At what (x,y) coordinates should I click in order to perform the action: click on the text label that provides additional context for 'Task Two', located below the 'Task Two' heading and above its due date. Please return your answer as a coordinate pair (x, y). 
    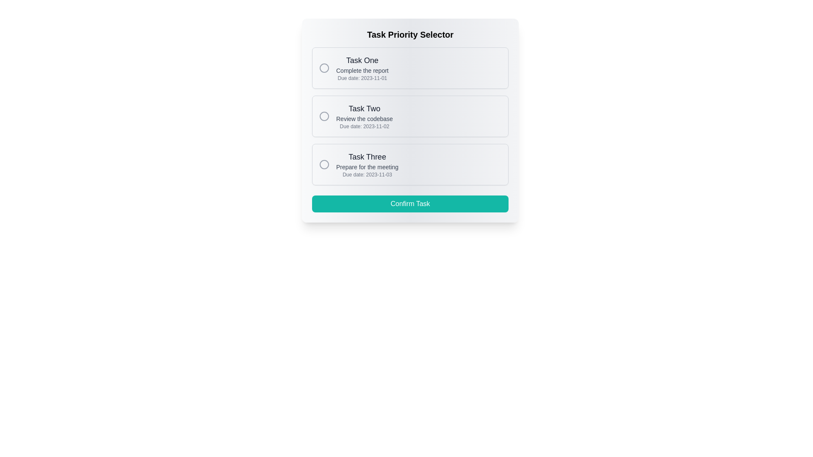
    Looking at the image, I should click on (364, 119).